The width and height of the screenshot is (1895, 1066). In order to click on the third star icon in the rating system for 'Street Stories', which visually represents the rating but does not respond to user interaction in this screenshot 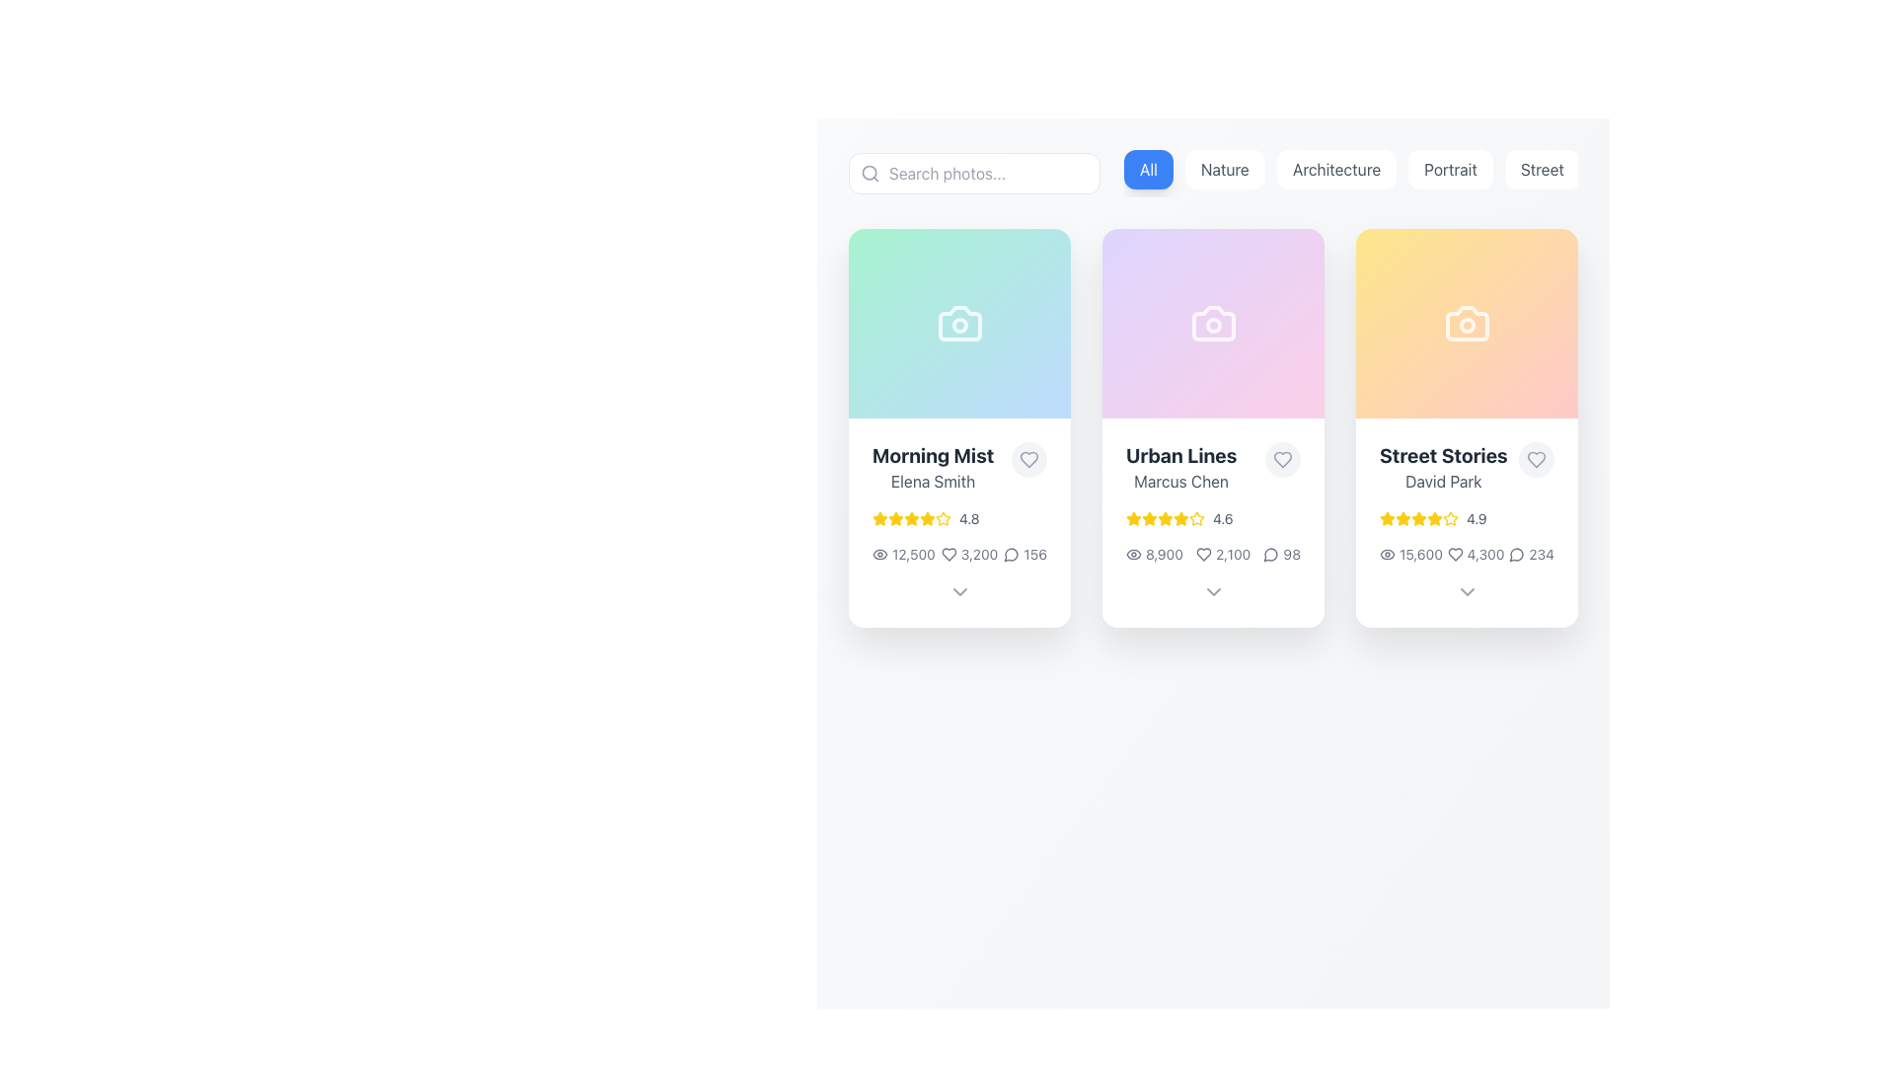, I will do `click(1402, 517)`.